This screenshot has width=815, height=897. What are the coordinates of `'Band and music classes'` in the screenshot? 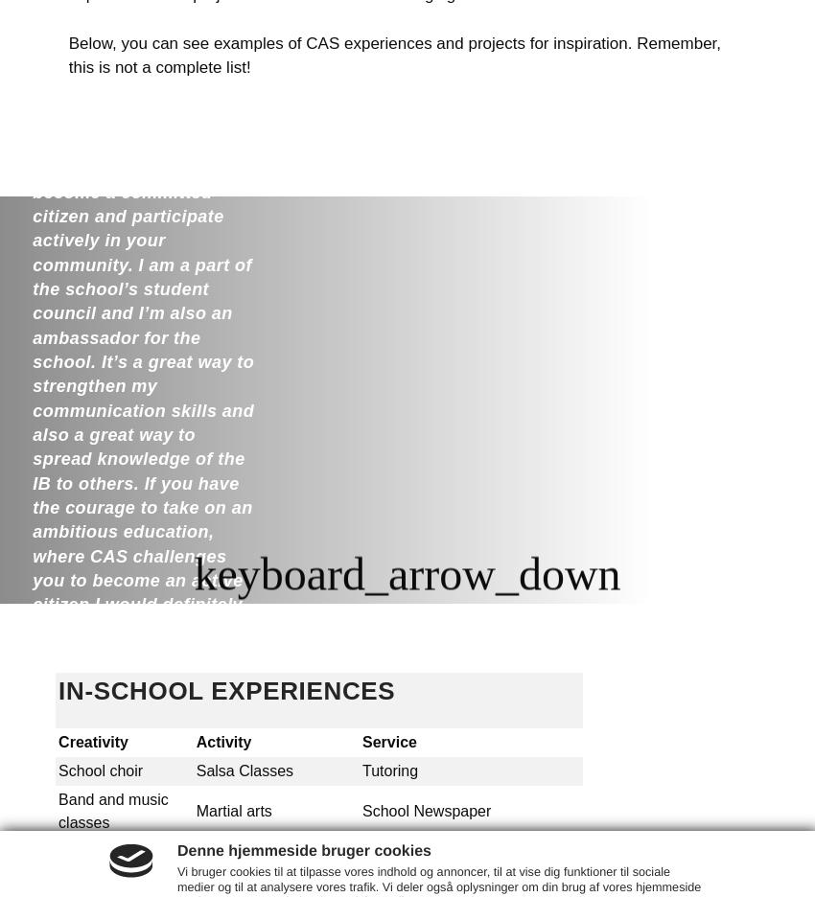 It's located at (112, 811).